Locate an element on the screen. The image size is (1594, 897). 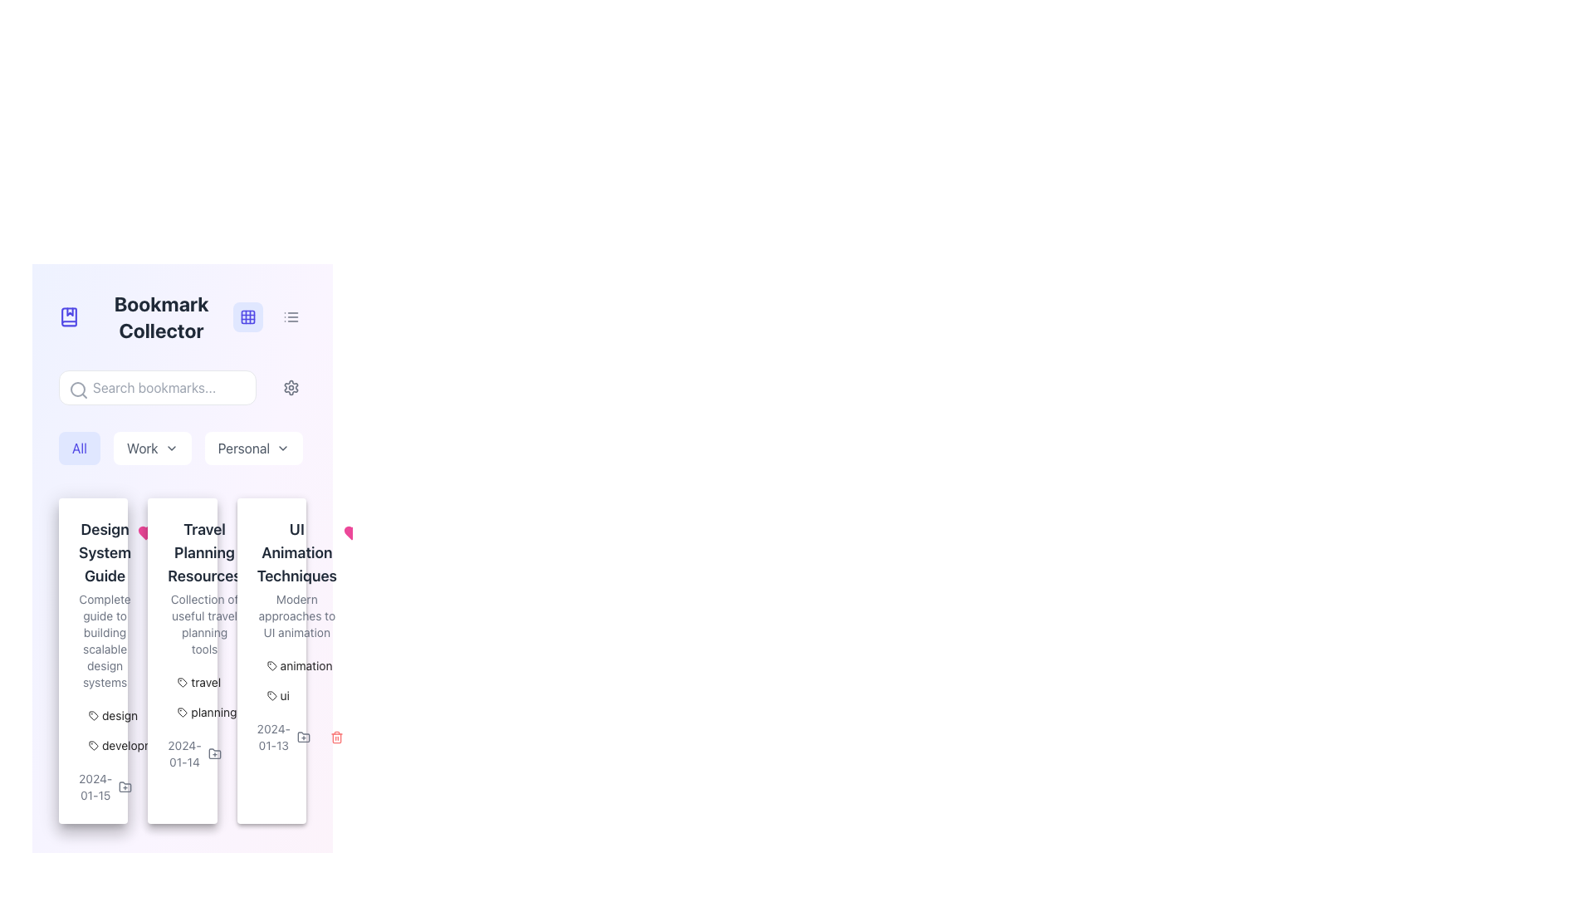
the icon with a rounded tag shape and a small circular cutout, located to the left of the text 'animation' within the pill-shaped badge under the 'UI Animation Techniques' card is located at coordinates (271, 665).